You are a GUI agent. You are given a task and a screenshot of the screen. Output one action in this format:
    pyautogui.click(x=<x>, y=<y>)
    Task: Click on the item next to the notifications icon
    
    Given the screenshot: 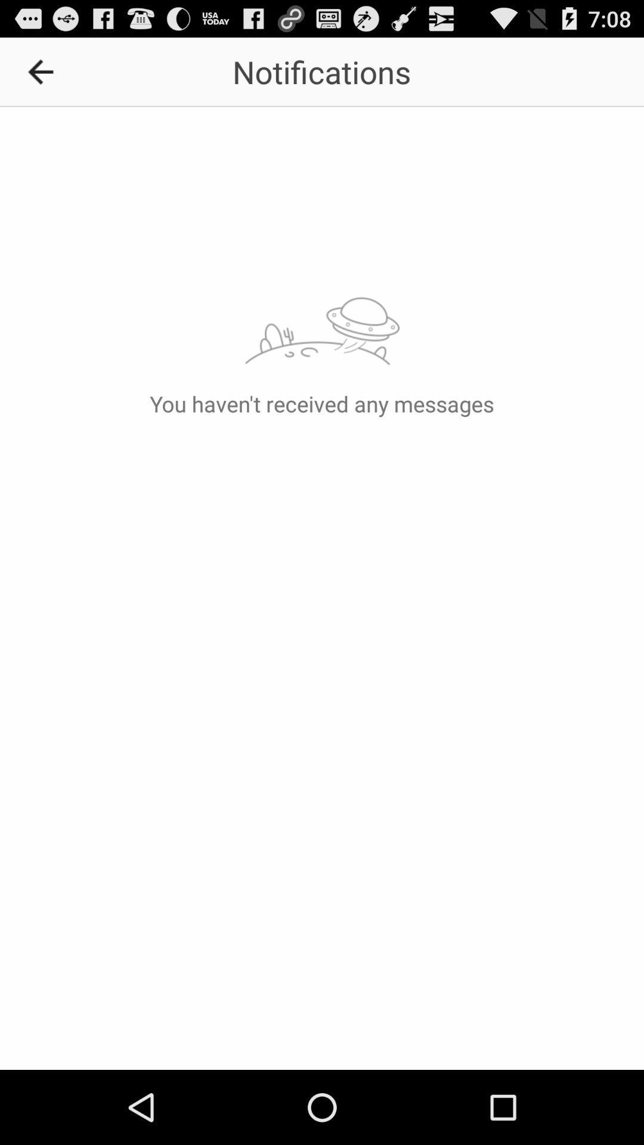 What is the action you would take?
    pyautogui.click(x=44, y=71)
    